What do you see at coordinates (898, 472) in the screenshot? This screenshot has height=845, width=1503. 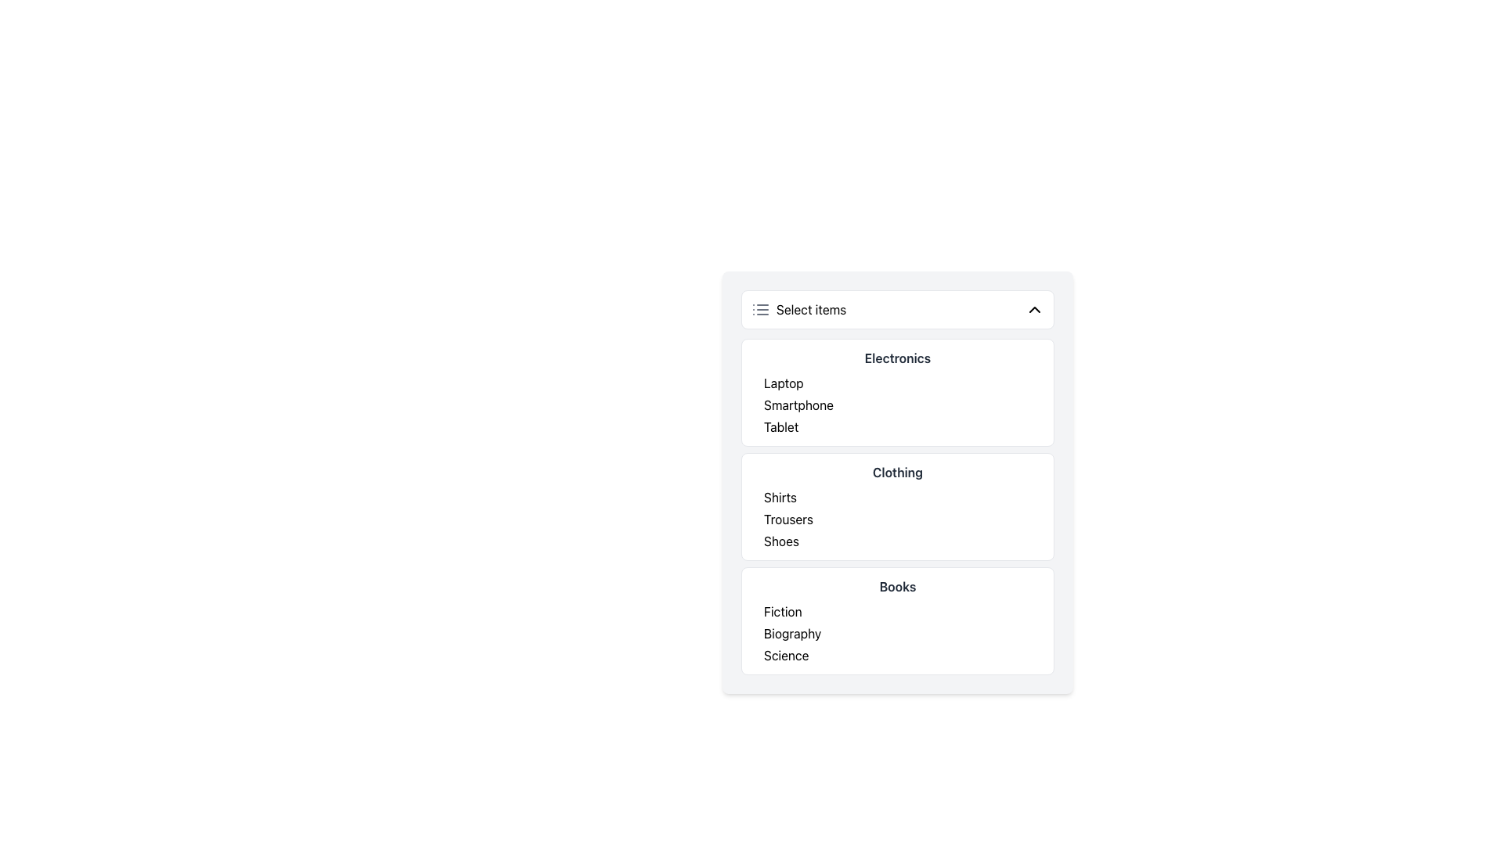 I see `the 'Clothing' text label, which serves as a non-interactive title for the clothing section located in the middle white box between 'Electronics' and 'Books'` at bounding box center [898, 472].